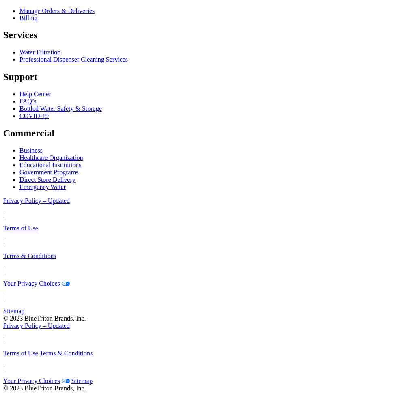 Image resolution: width=406 pixels, height=394 pixels. I want to click on 'Terms &
                                Conditions', so click(29, 255).